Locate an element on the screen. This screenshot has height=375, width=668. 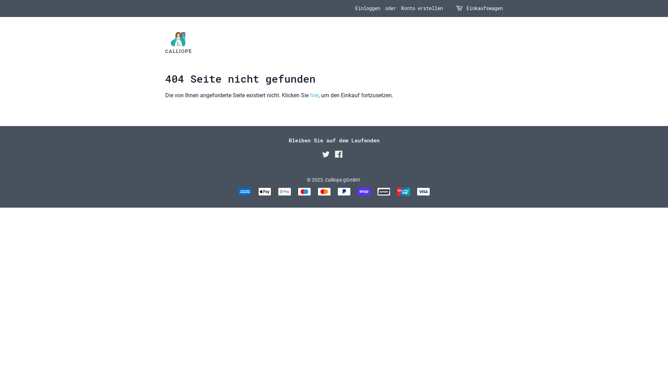
'Calliope gGmbH' is located at coordinates (342, 179).